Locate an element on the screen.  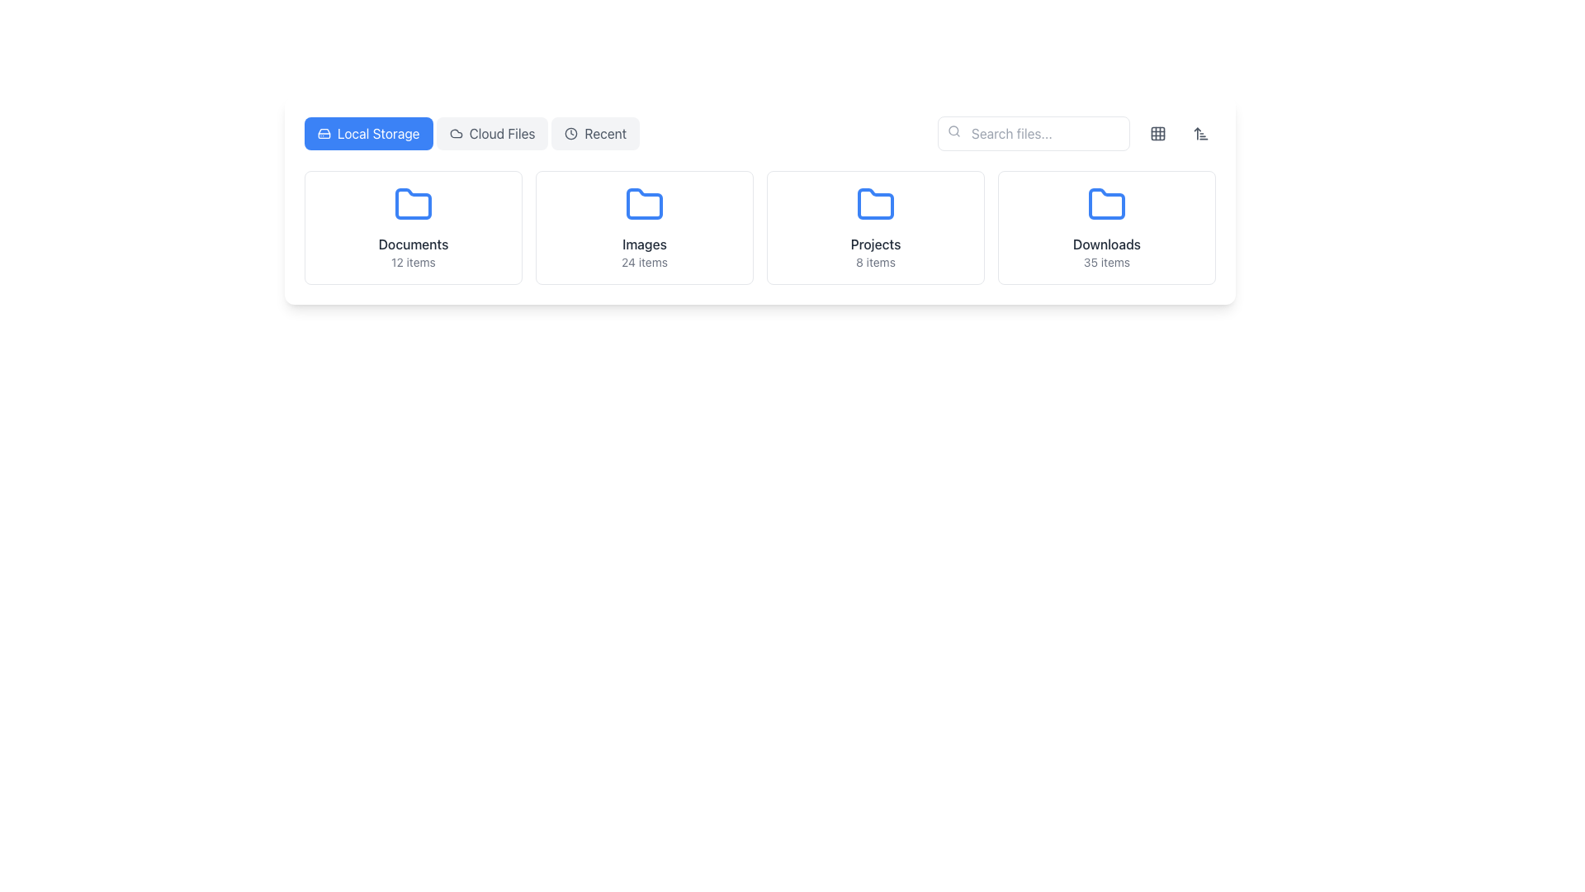
the static text that indicates the number of items in the 'Projects' folder, which is located directly beneath the 'Projects' label is located at coordinates (874, 261).